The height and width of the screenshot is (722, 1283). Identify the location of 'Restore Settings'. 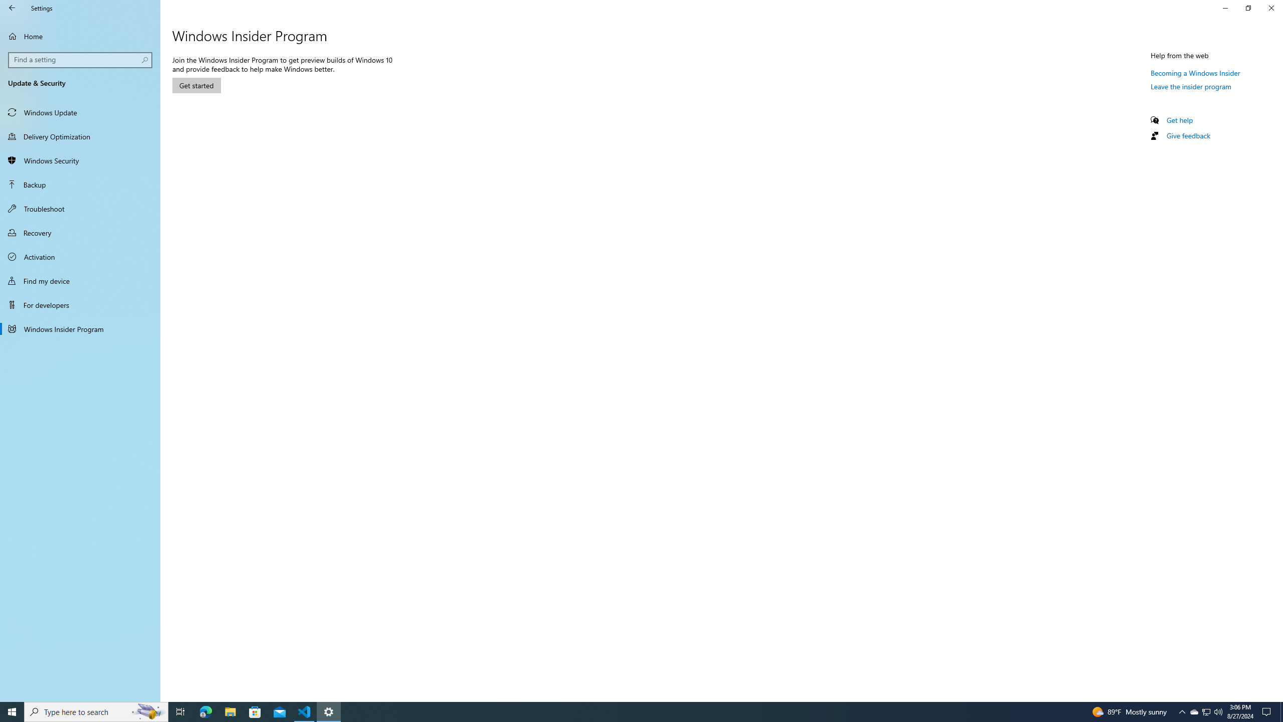
(1248, 8).